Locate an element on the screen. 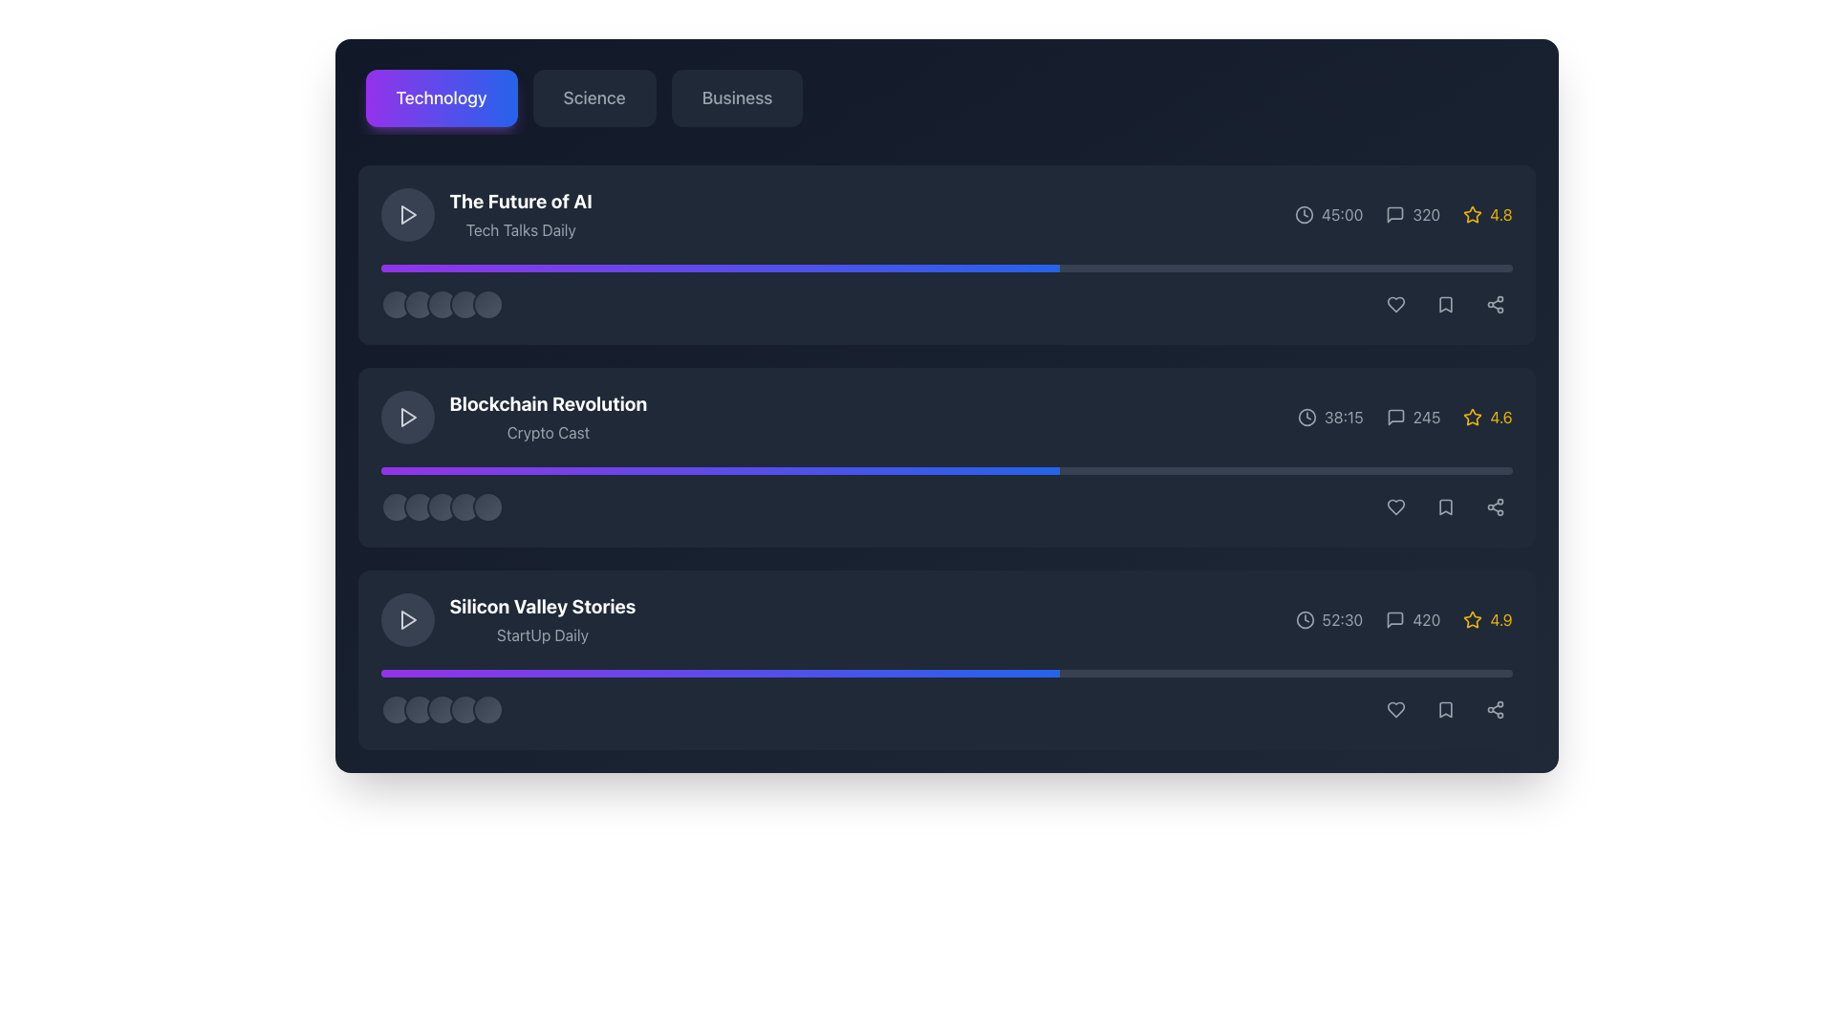 This screenshot has height=1032, width=1835. the triangular play button icon within the rounded dark gray button on the left side of the podcast card labeled 'The Future of AI' to play the podcast is located at coordinates (406, 214).